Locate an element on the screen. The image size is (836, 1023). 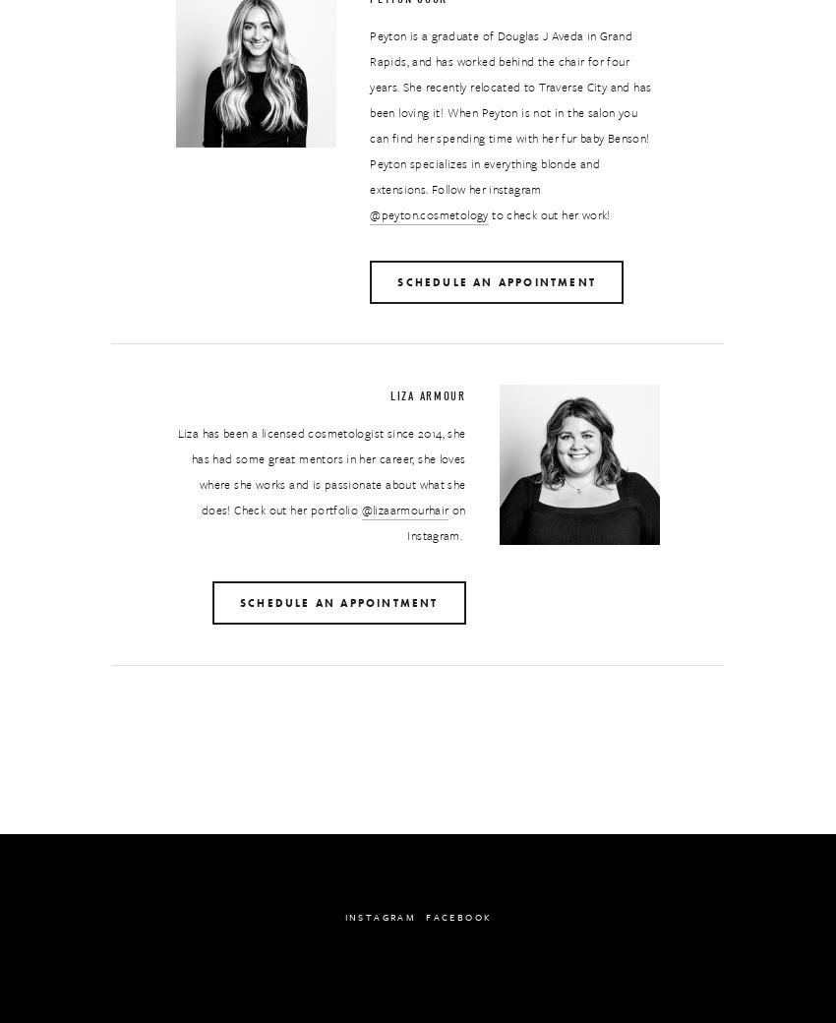
'on Instagram.' is located at coordinates (437, 521).